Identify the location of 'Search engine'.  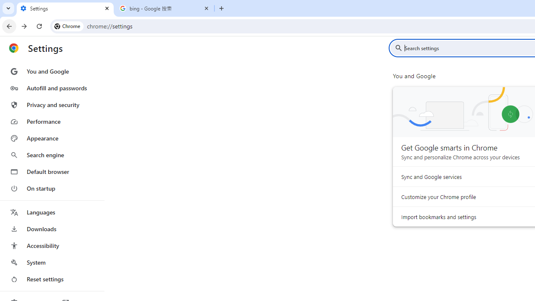
(51, 155).